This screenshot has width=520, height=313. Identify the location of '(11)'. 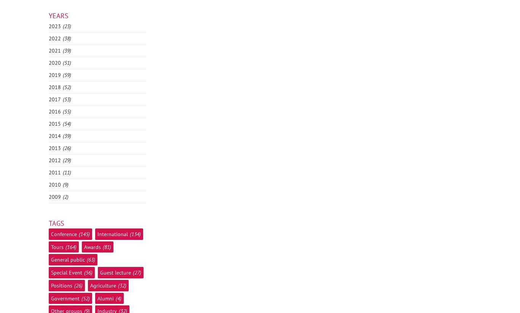
(66, 172).